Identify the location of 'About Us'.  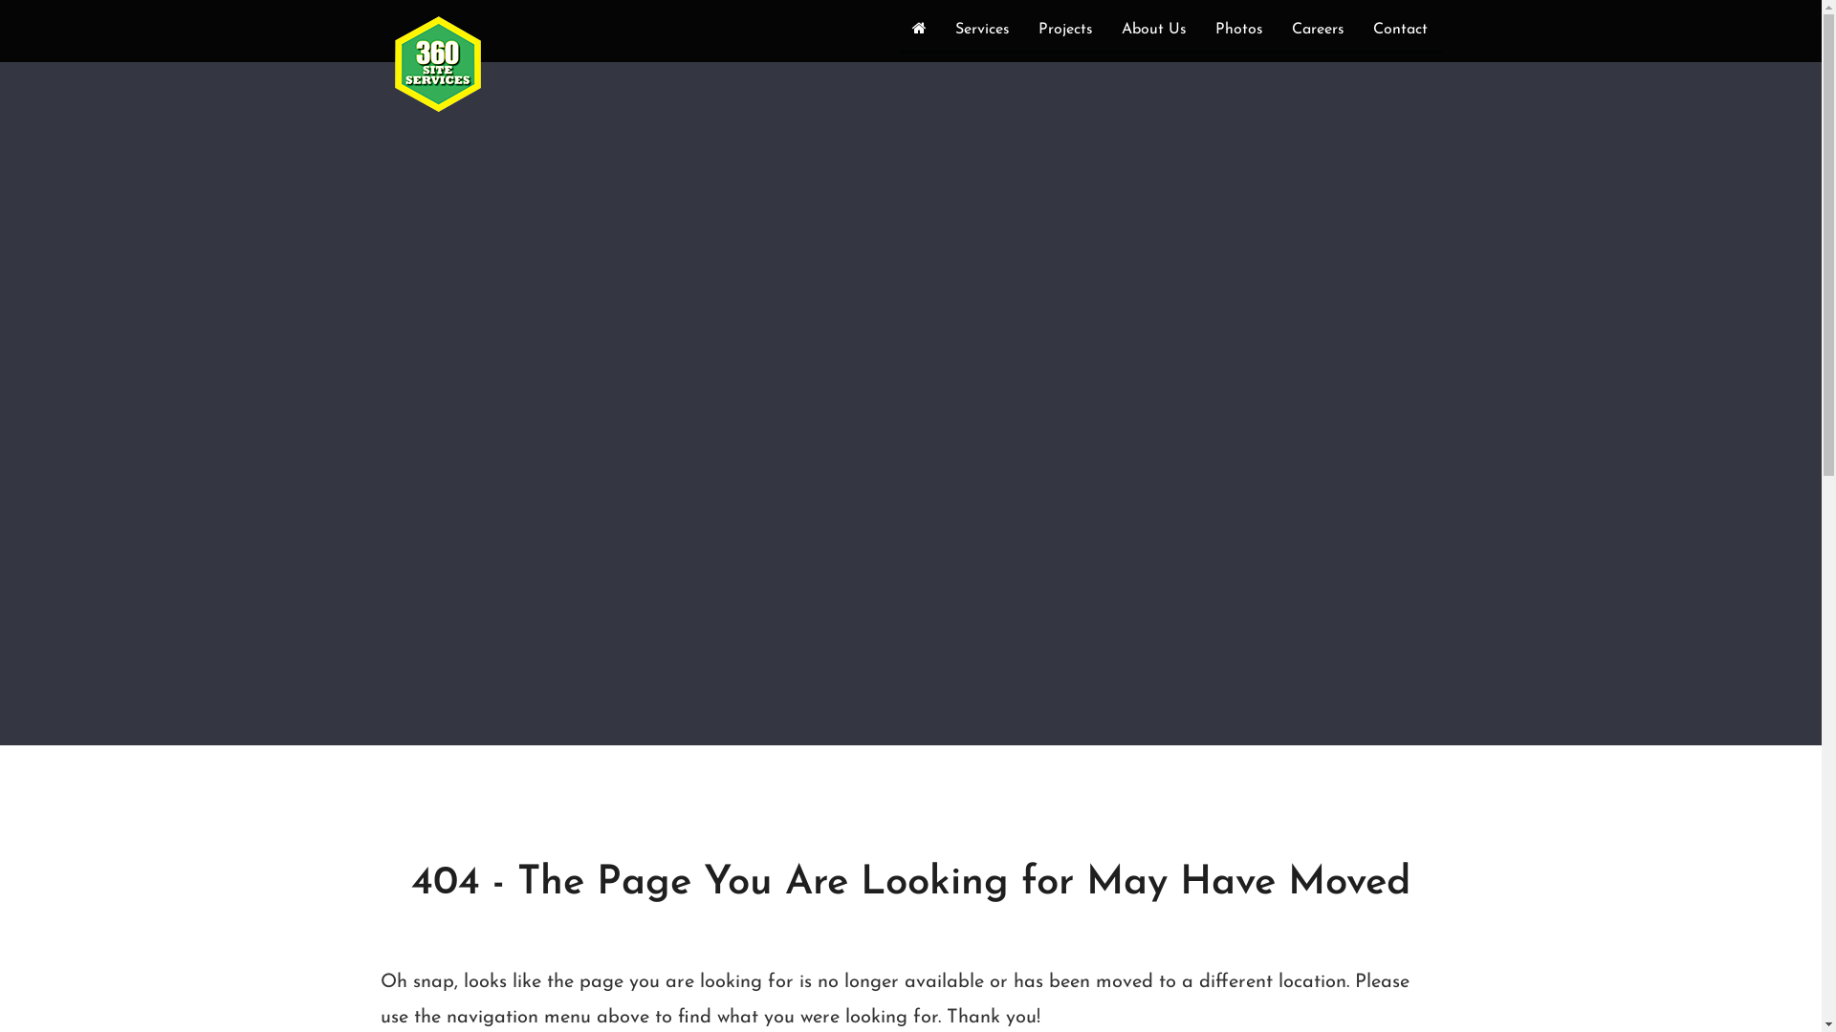
(1152, 32).